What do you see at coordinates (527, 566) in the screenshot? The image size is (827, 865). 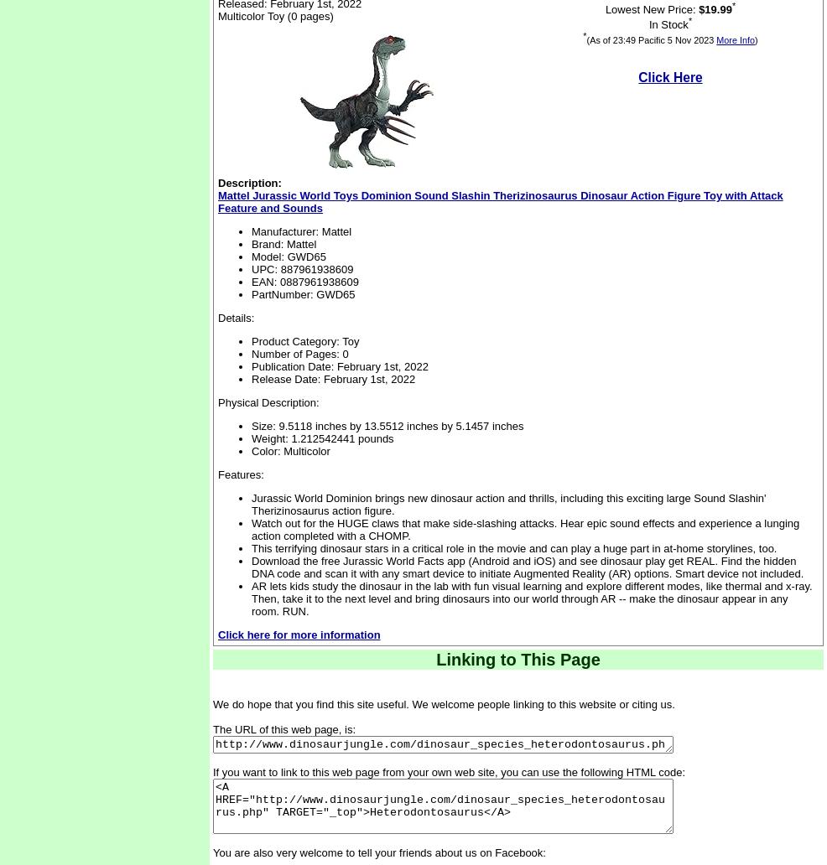 I see `'Download the free Jurassic World Facts app (Android and iOS) and see dinosaur play get REAL. Find the hidden DNA code and scan it with any smart device to initiate Augmented Reality (AR) options. Smart device not included.'` at bounding box center [527, 566].